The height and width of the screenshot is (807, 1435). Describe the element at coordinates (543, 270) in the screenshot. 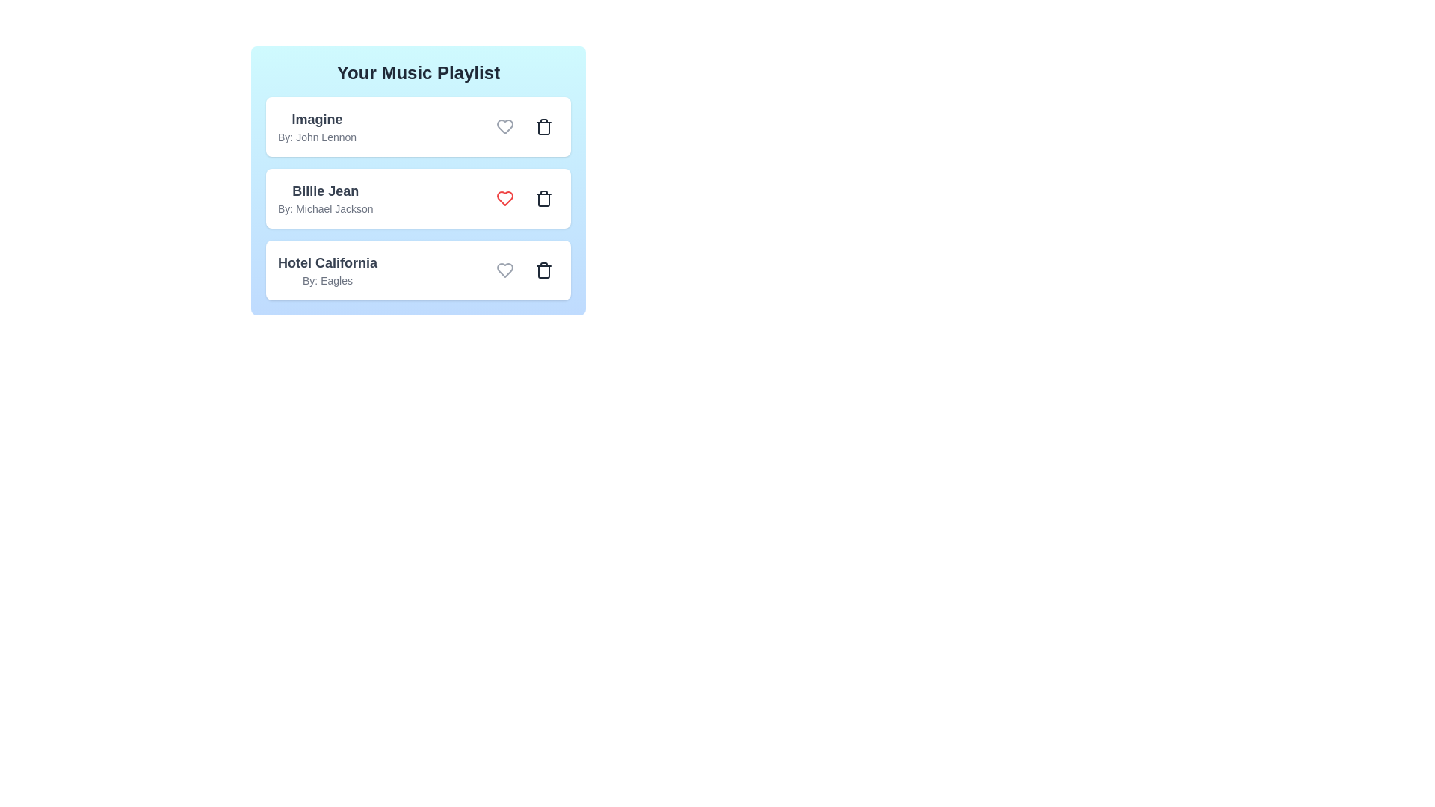

I see `the song with title Hotel California from the playlist by clicking its trash icon` at that location.